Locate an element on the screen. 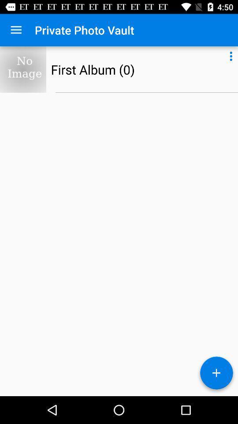 The image size is (238, 424). item next to first album (0) is located at coordinates (231, 54).